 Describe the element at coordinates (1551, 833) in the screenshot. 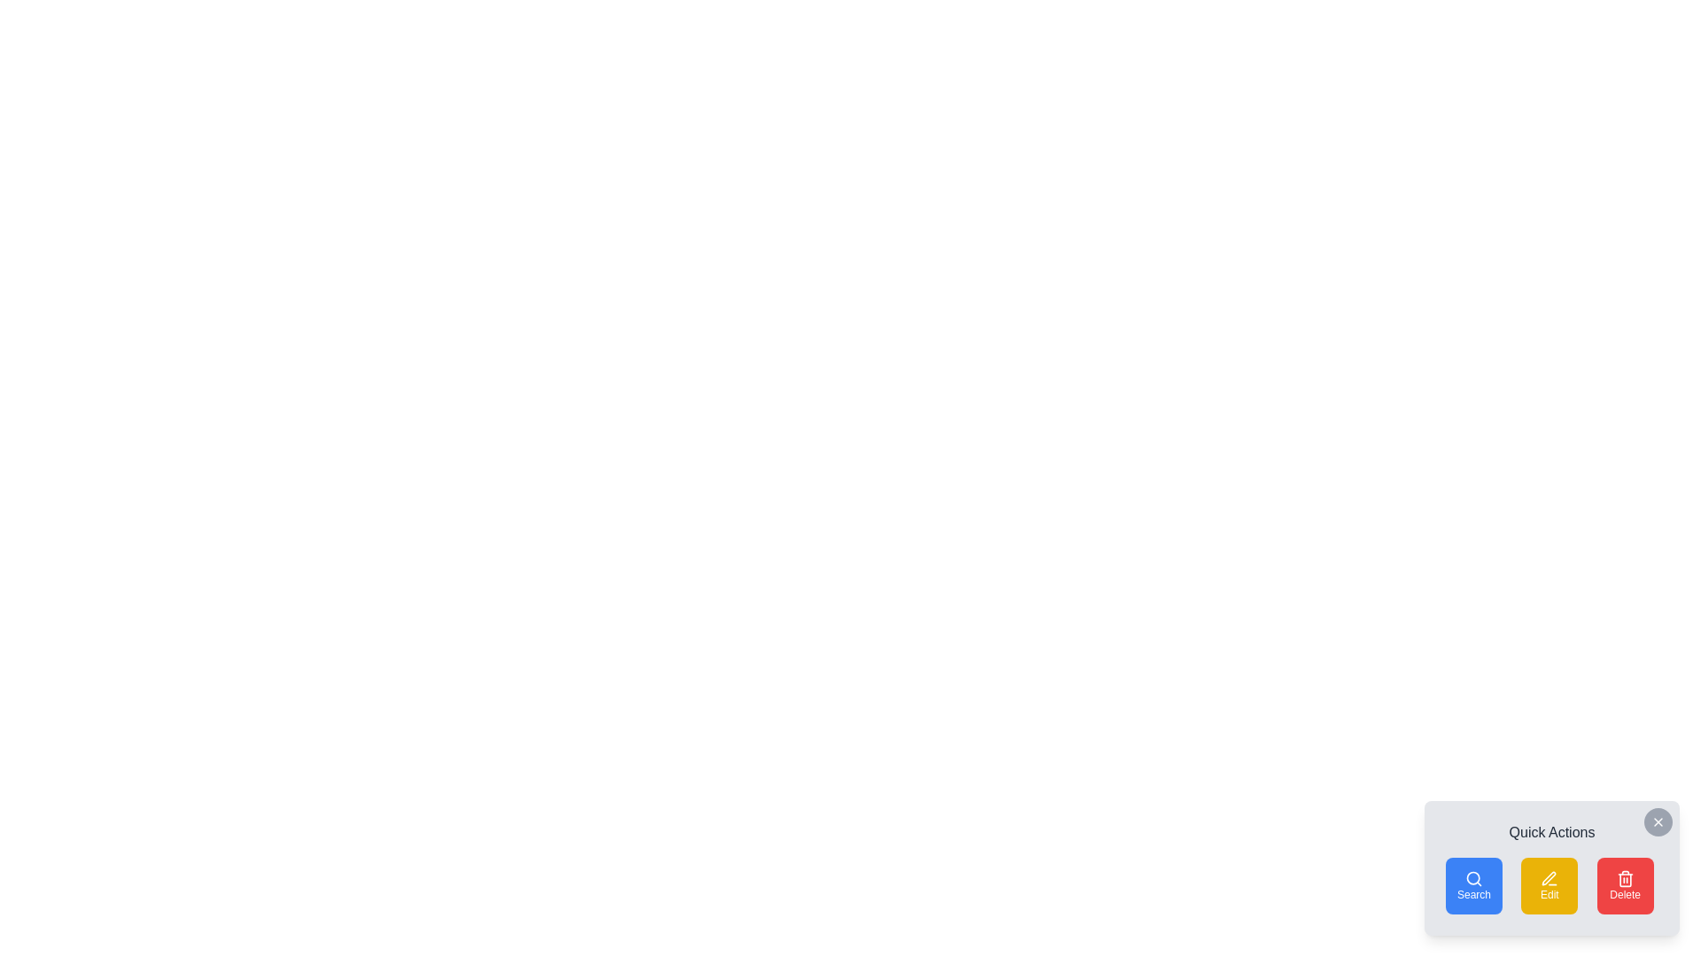

I see `the Text label at the top center of the card that describes the functionality of the buttons below` at that location.